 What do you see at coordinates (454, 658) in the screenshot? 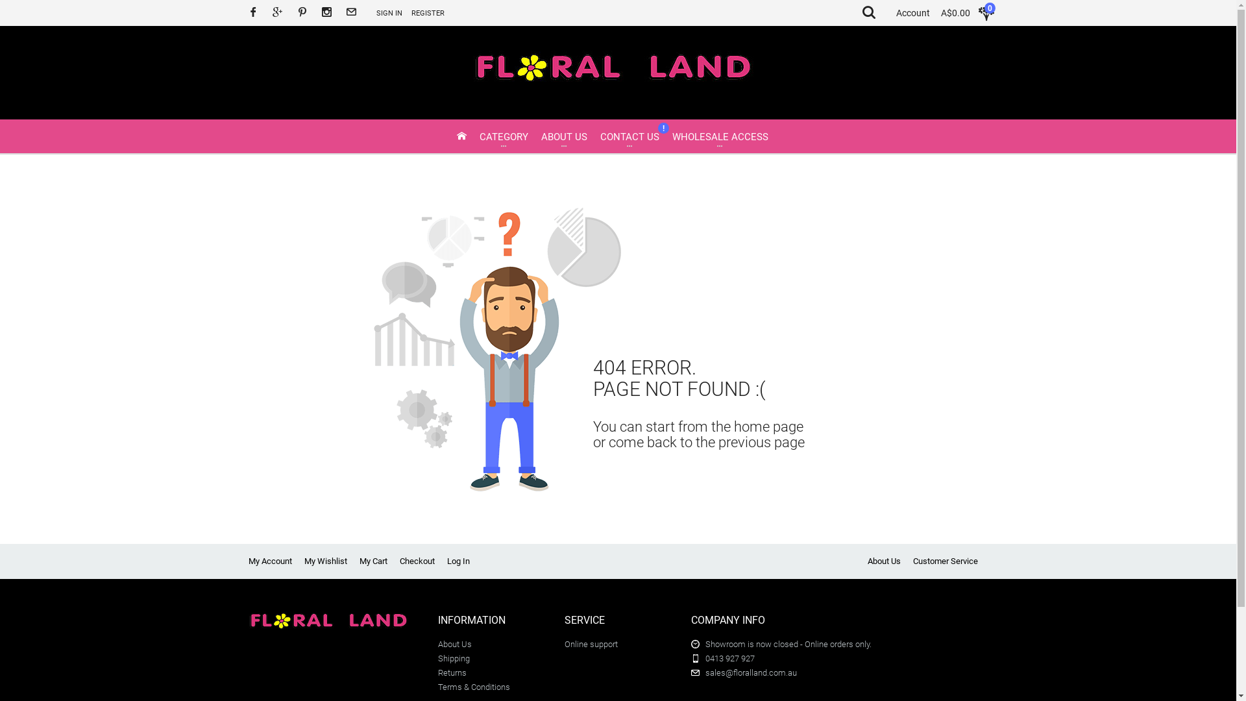
I see `'Shipping'` at bounding box center [454, 658].